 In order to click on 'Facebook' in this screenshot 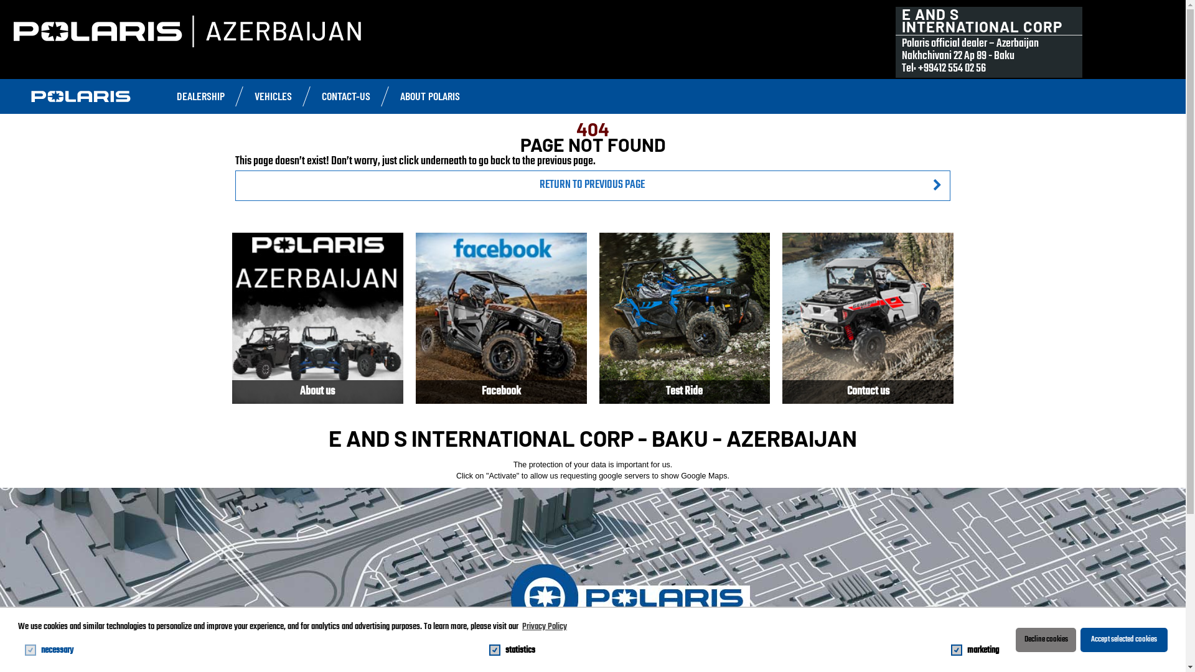, I will do `click(501, 317)`.